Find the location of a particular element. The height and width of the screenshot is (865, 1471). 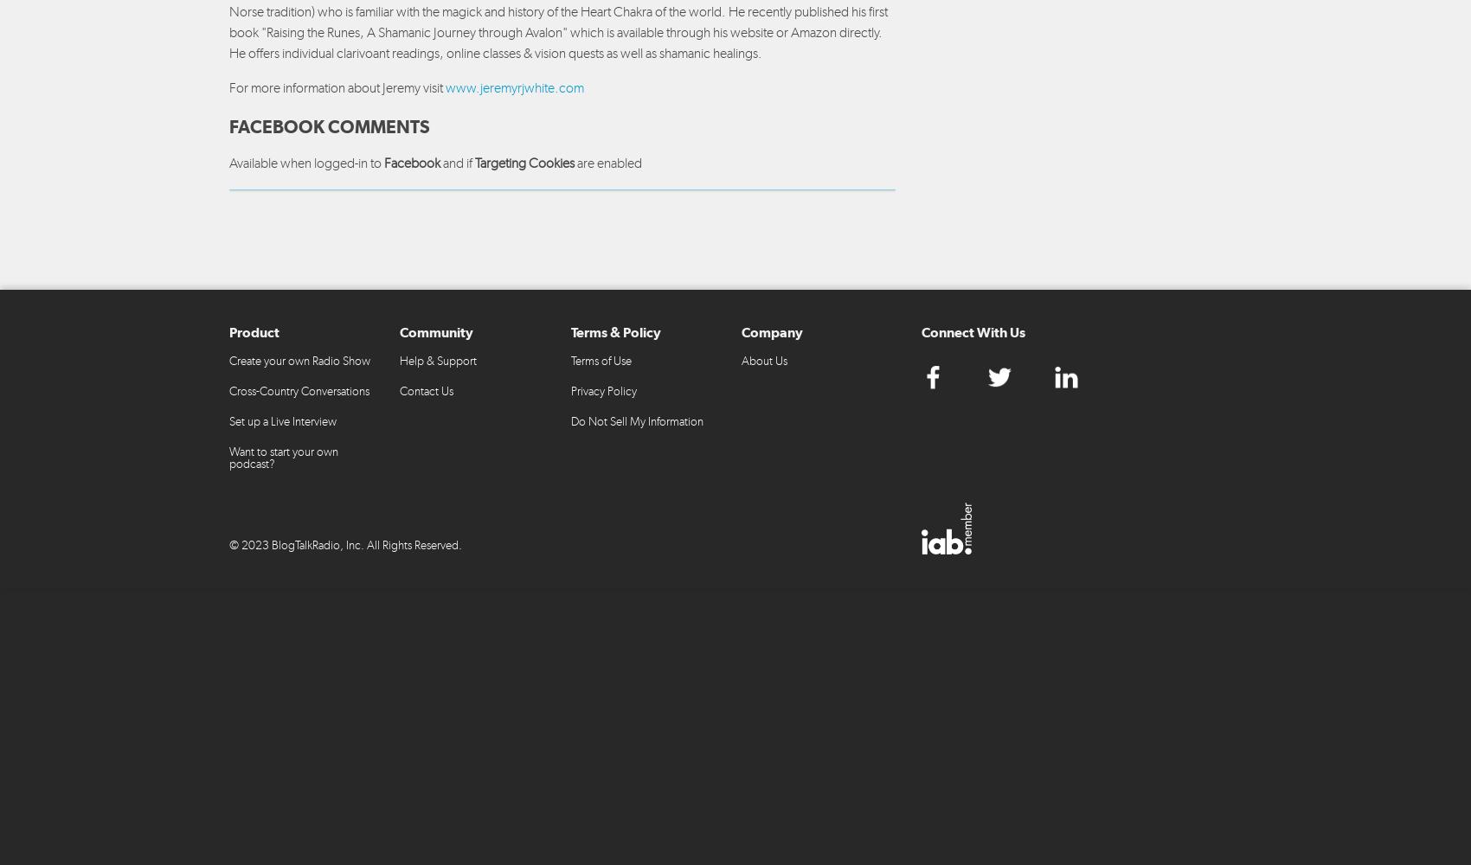

'©
                2023 BlogTalkRadio, Inc. All Rights Reserved.' is located at coordinates (344, 544).